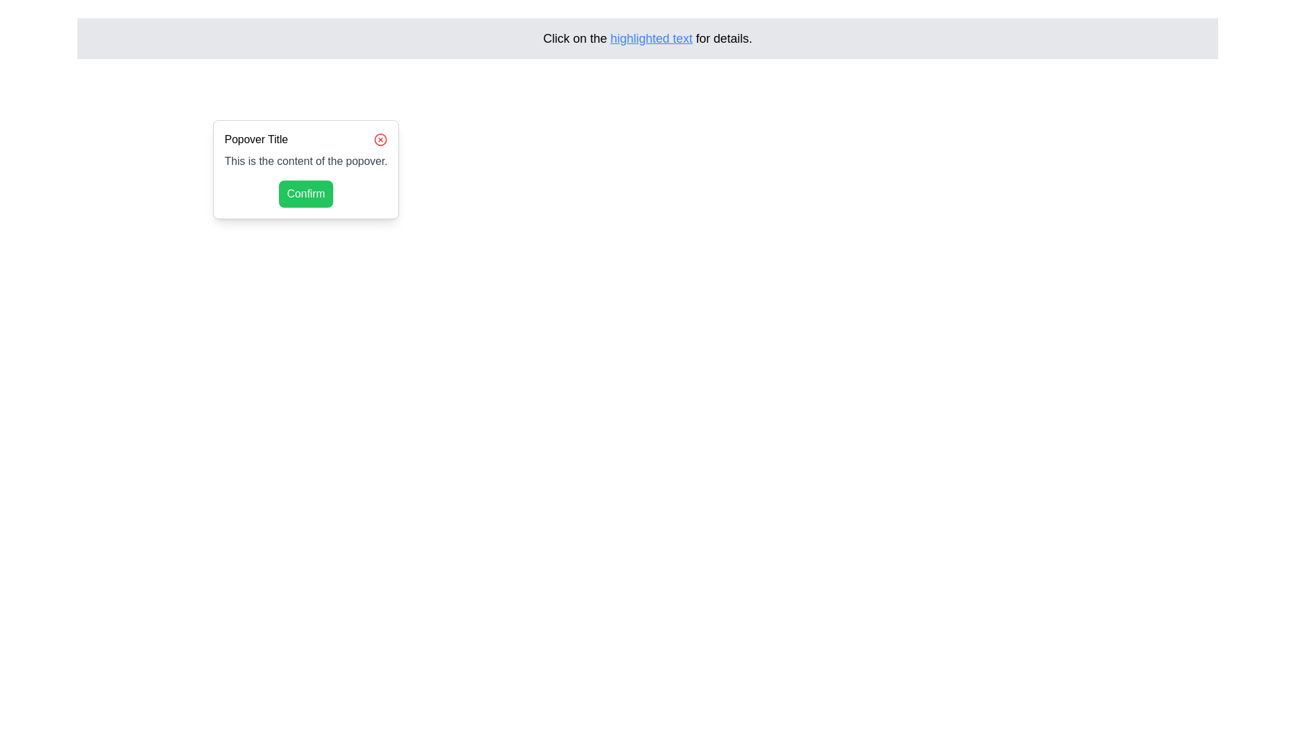 The height and width of the screenshot is (733, 1303). I want to click on the 'Confirm' button with a green background and white text located at the bottom center of the popover interface, so click(305, 193).